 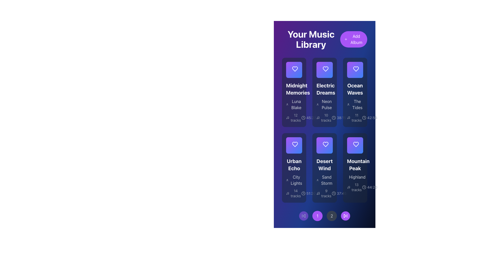 I want to click on the heart icon button located in the top-left album card of 'Your Music Library', so click(x=295, y=70).